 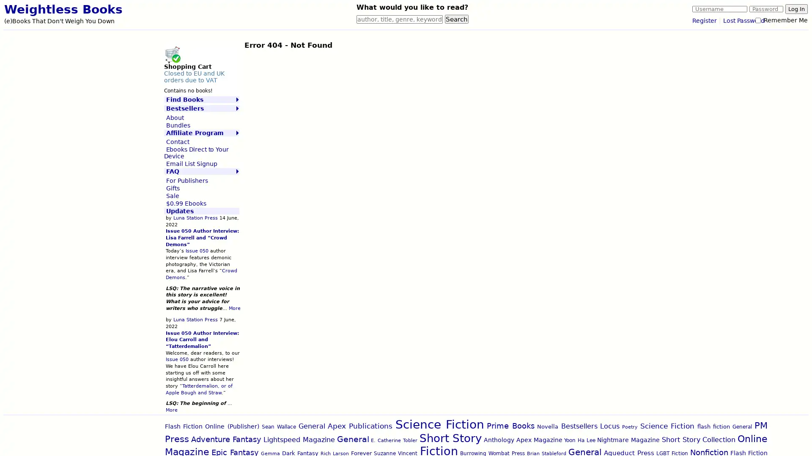 What do you see at coordinates (172, 54) in the screenshot?
I see `Shopping Cart` at bounding box center [172, 54].